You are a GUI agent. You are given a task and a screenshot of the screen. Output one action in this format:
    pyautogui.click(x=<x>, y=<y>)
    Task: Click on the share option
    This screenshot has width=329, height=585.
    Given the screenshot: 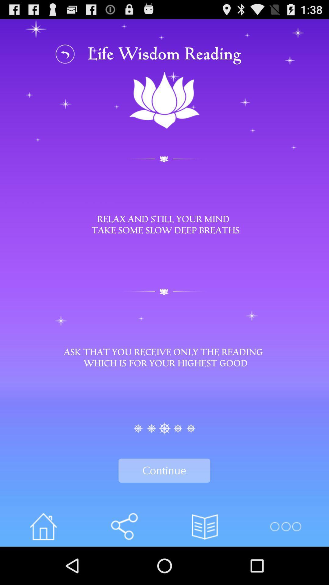 What is the action you would take?
    pyautogui.click(x=124, y=526)
    